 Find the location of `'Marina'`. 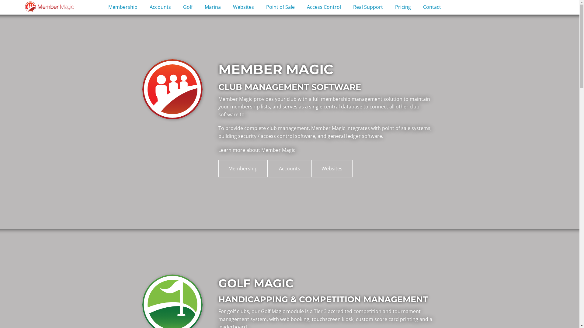

'Marina' is located at coordinates (213, 7).